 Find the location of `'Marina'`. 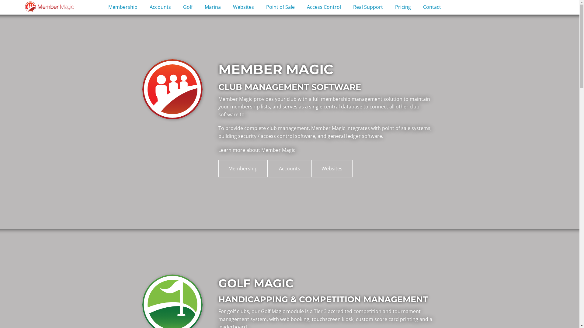

'Marina' is located at coordinates (213, 7).